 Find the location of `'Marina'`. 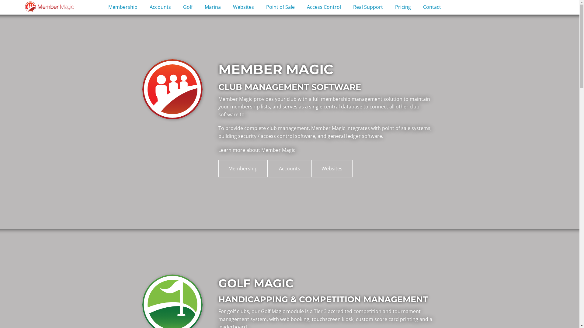

'Marina' is located at coordinates (213, 7).